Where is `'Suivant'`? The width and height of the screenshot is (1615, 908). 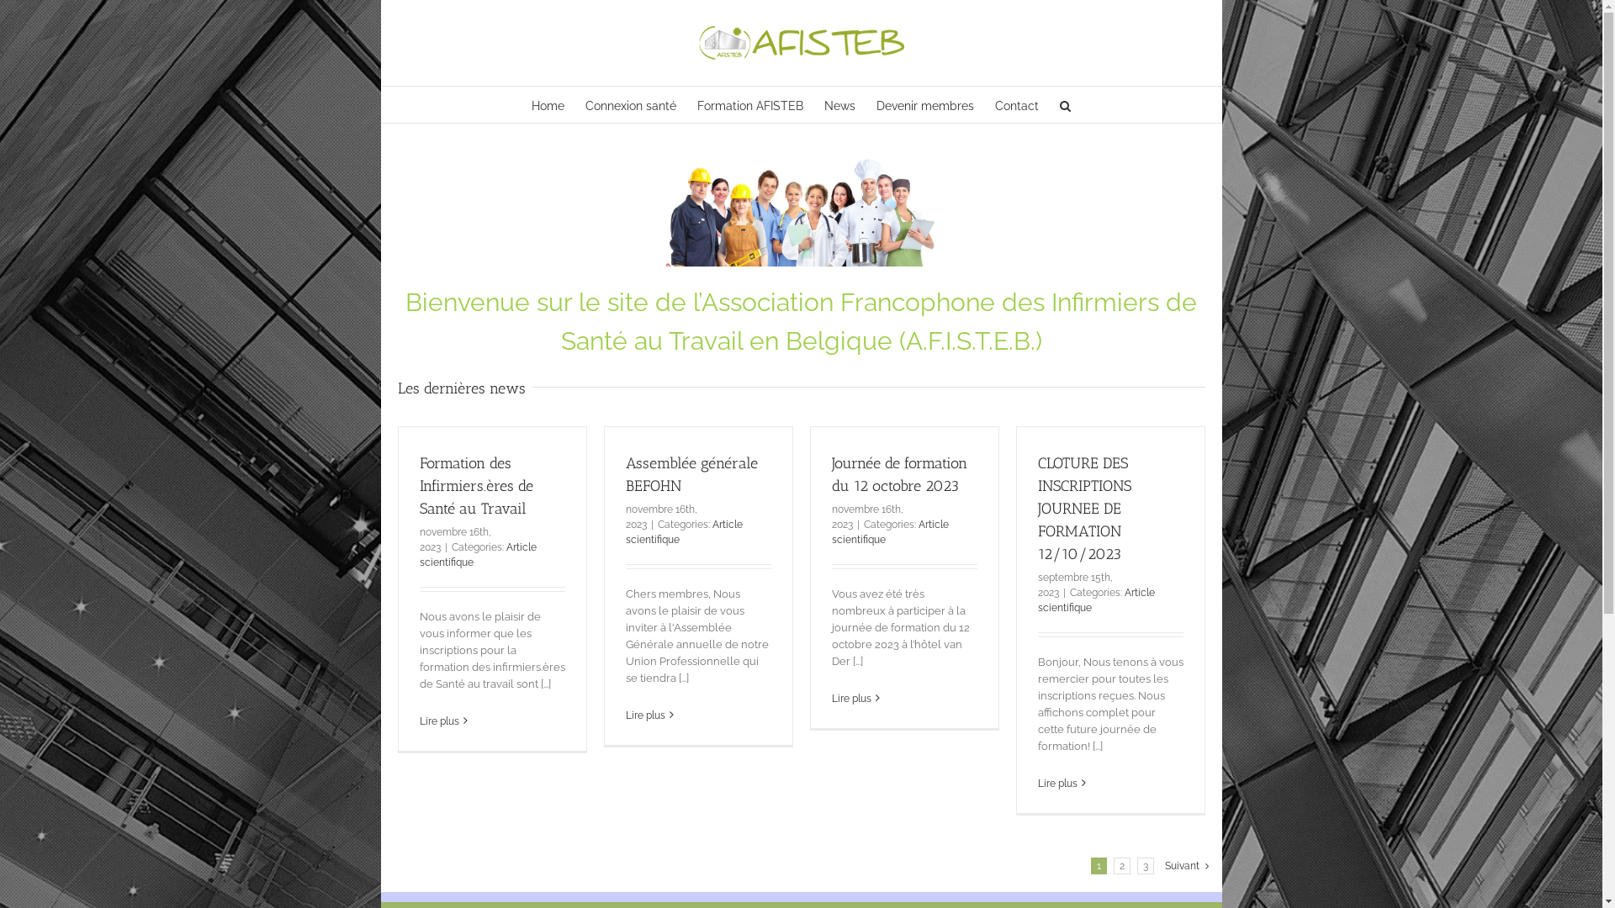
'Suivant' is located at coordinates (1181, 865).